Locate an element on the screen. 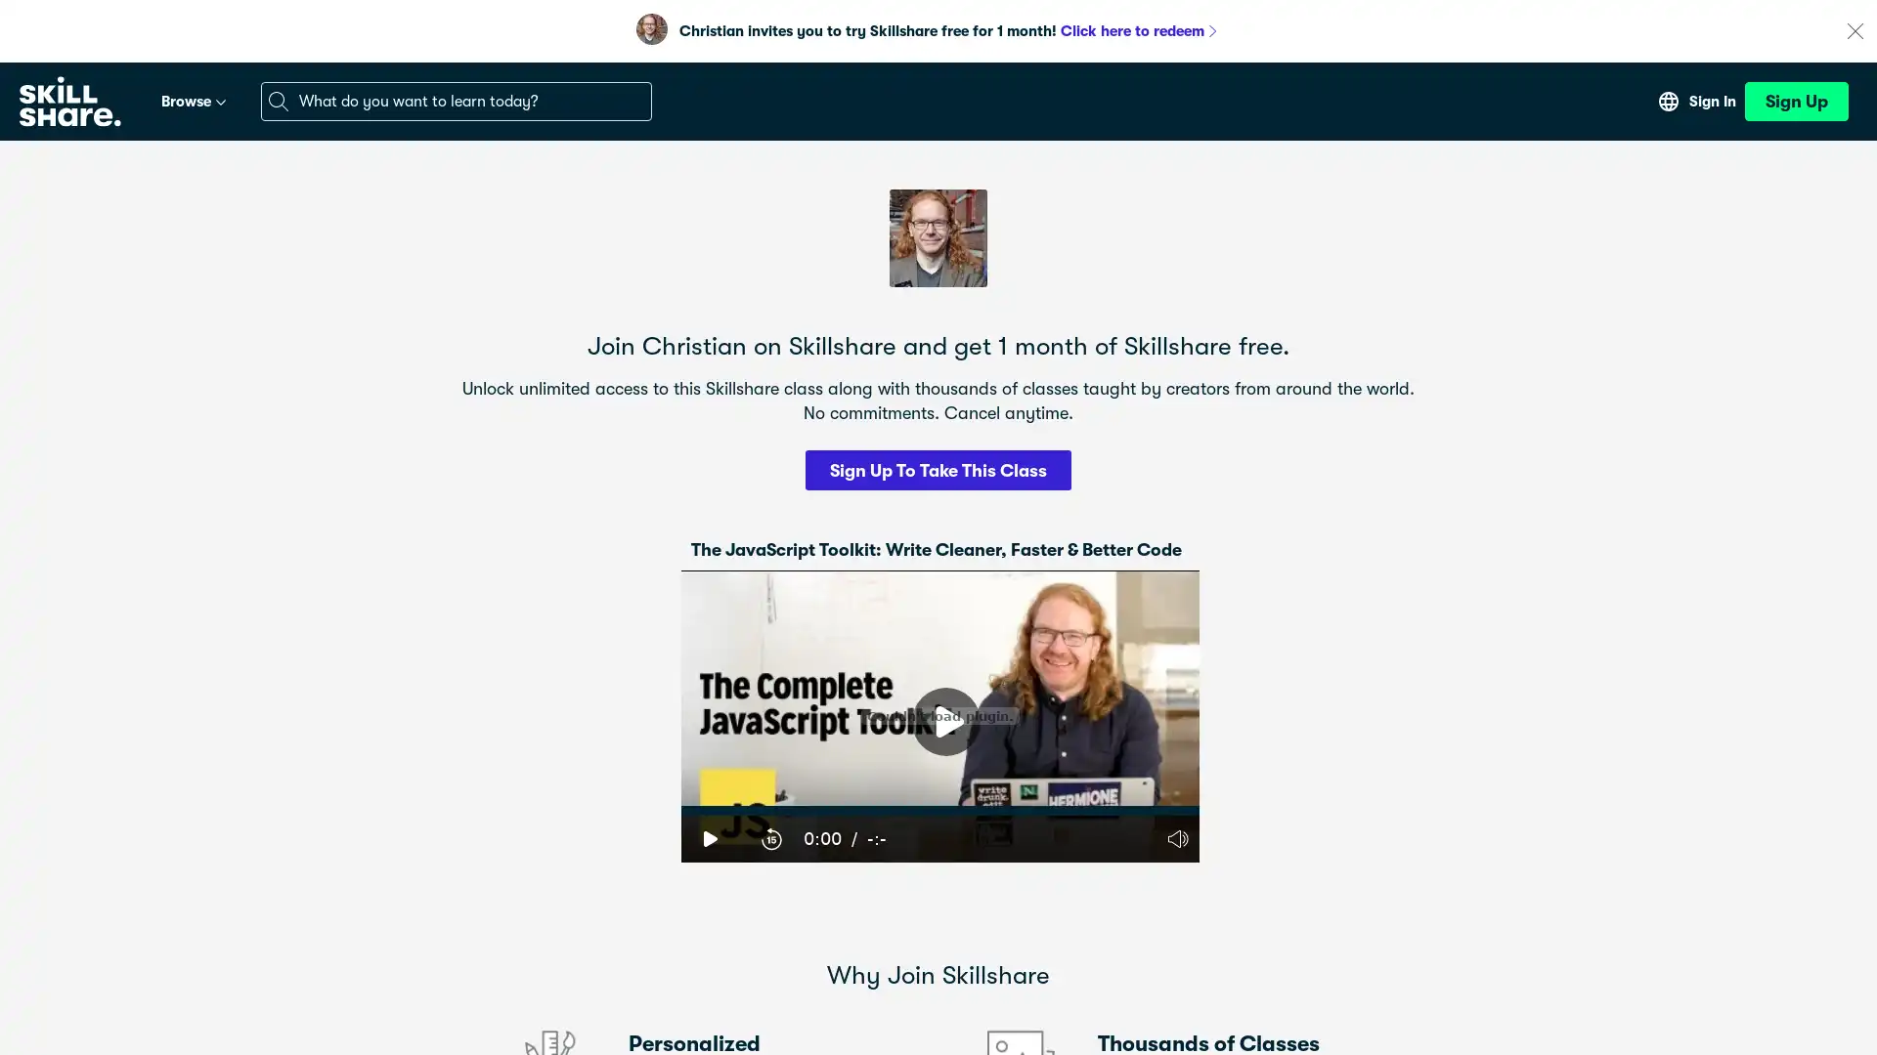  Play is located at coordinates (709, 836).